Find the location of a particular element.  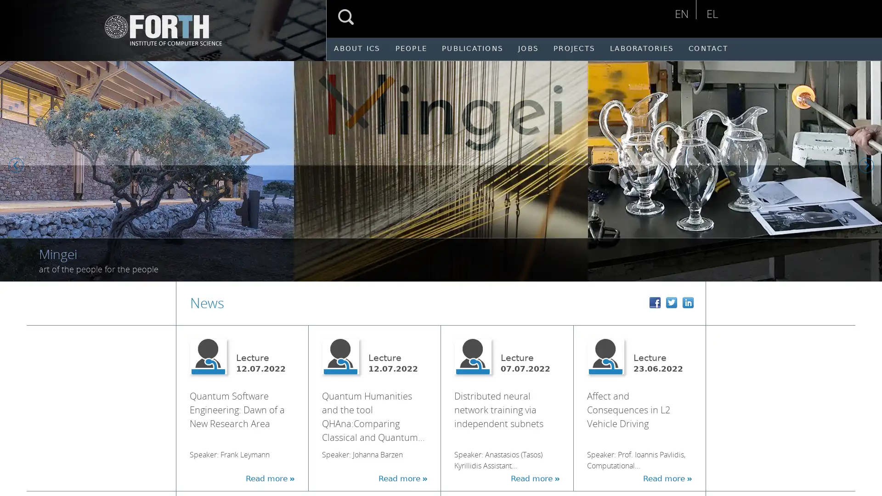

Submit Search Button is located at coordinates (345, 17).